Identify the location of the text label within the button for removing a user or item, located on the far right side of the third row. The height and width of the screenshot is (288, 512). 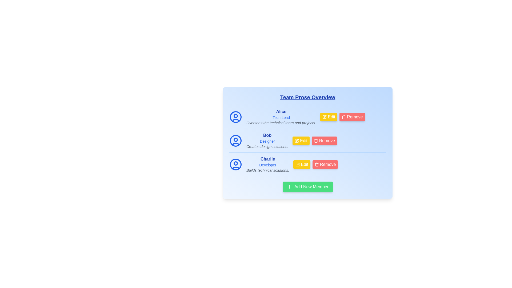
(327, 164).